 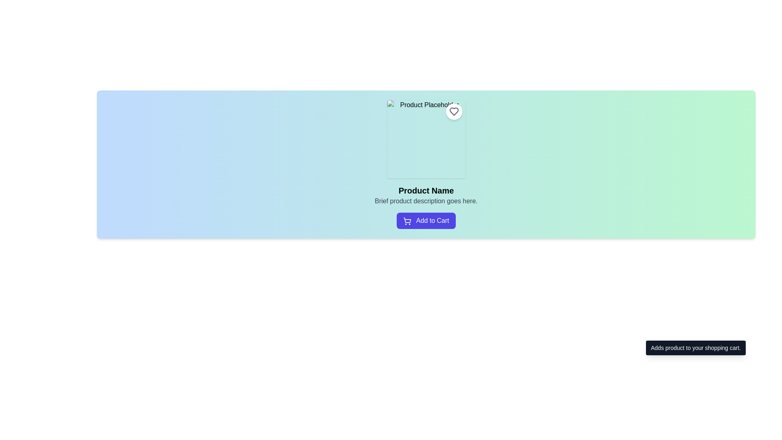 What do you see at coordinates (407, 221) in the screenshot?
I see `the decorative SVG icon indicating the 'Add to Cart' action, located at the left-most side of the button within the product description module` at bounding box center [407, 221].